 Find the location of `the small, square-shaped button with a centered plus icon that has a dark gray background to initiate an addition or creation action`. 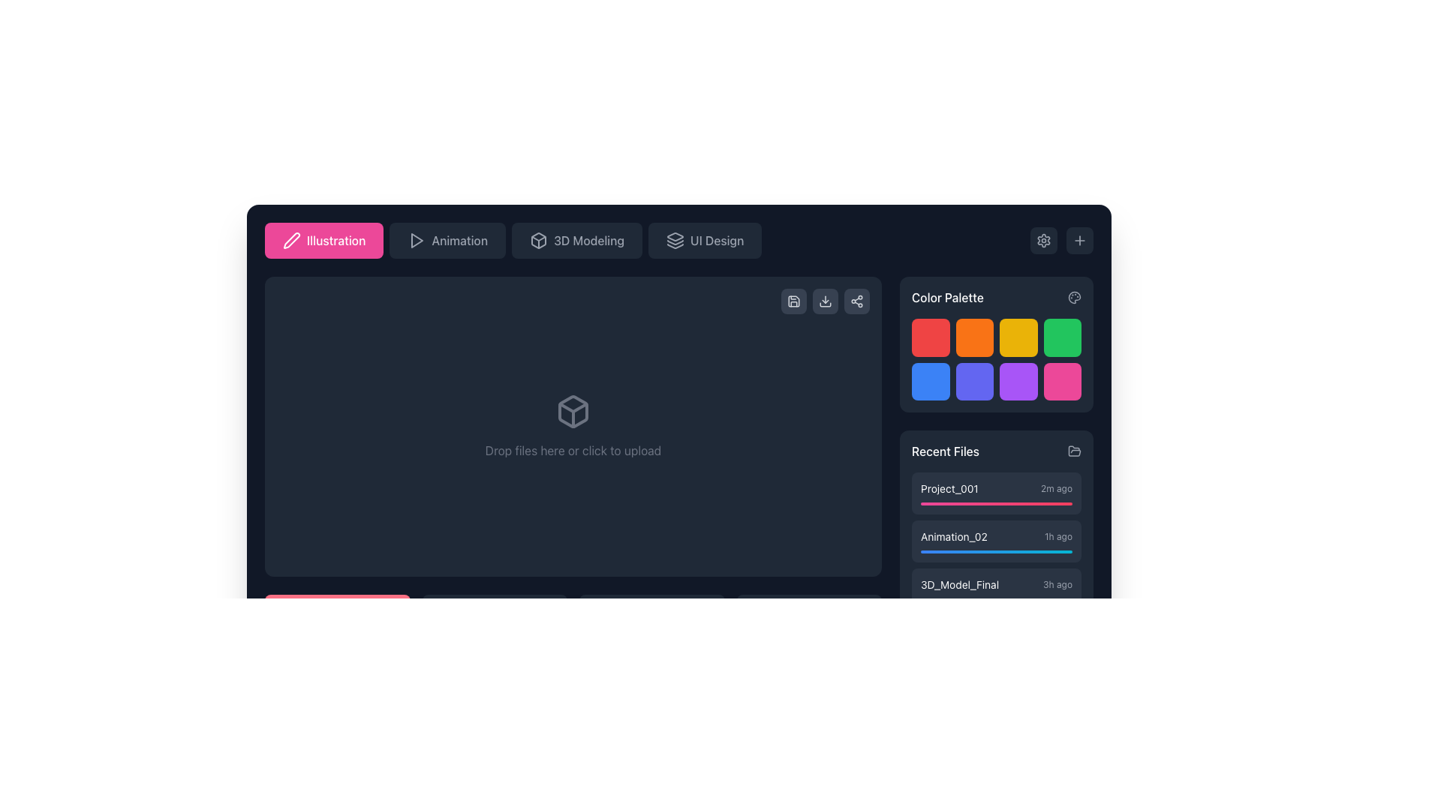

the small, square-shaped button with a centered plus icon that has a dark gray background to initiate an addition or creation action is located at coordinates (1079, 239).